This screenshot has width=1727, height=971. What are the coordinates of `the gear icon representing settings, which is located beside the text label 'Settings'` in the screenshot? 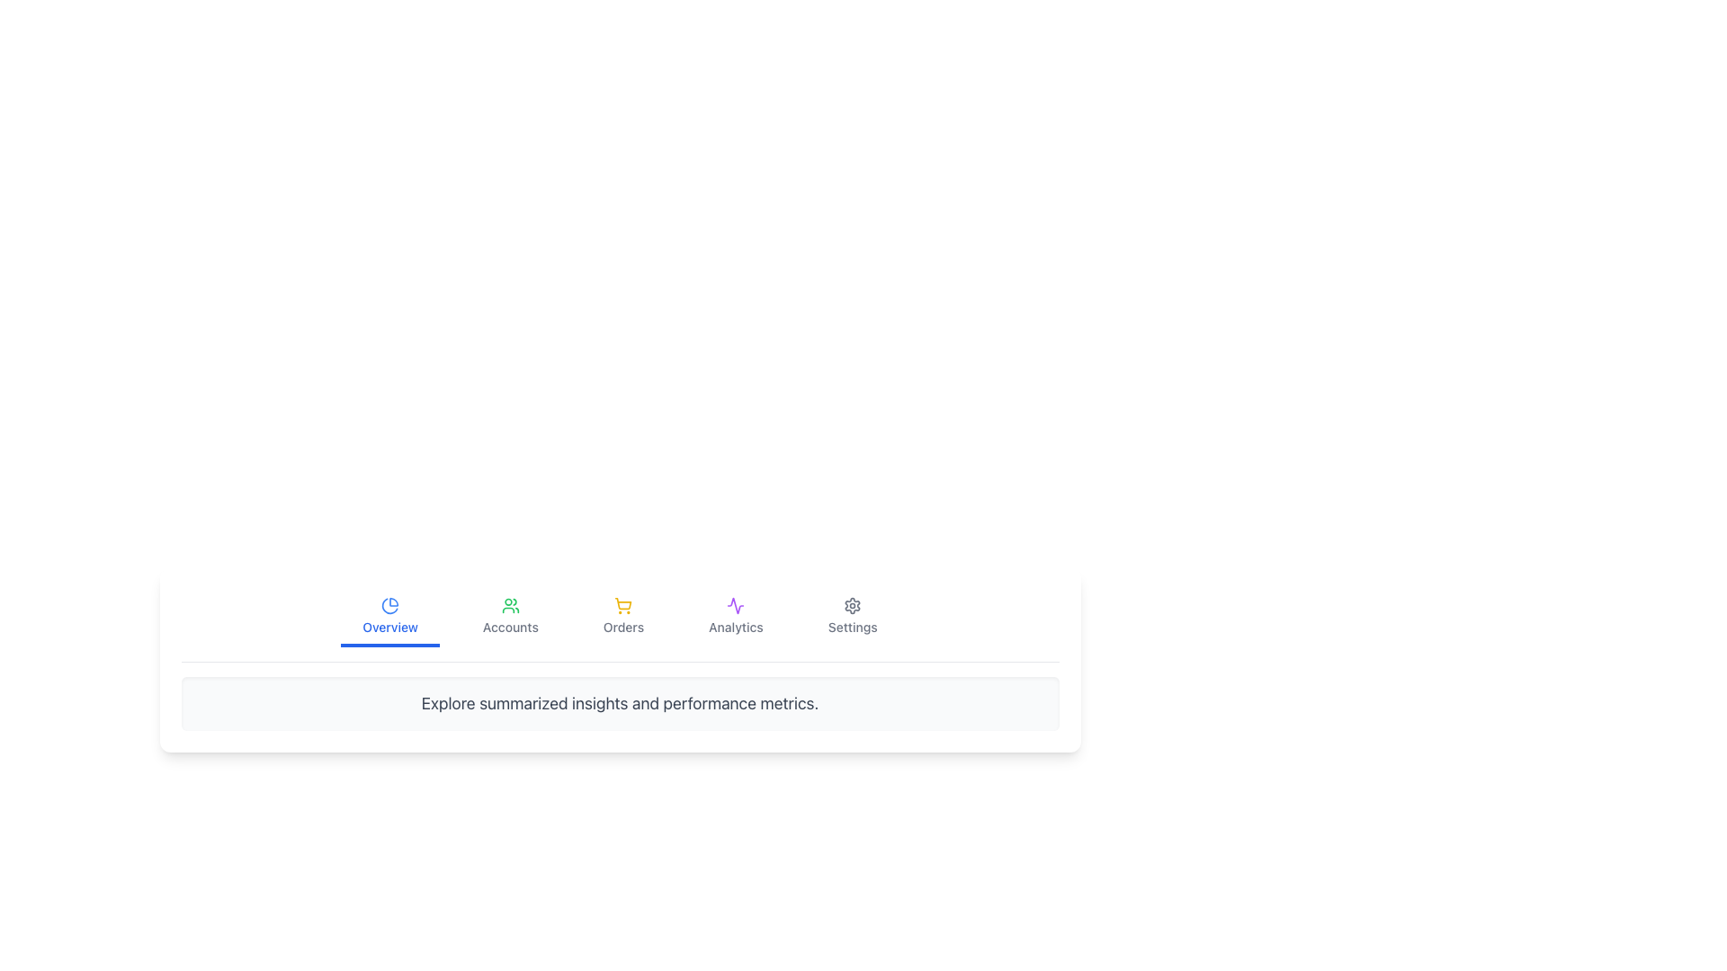 It's located at (852, 606).